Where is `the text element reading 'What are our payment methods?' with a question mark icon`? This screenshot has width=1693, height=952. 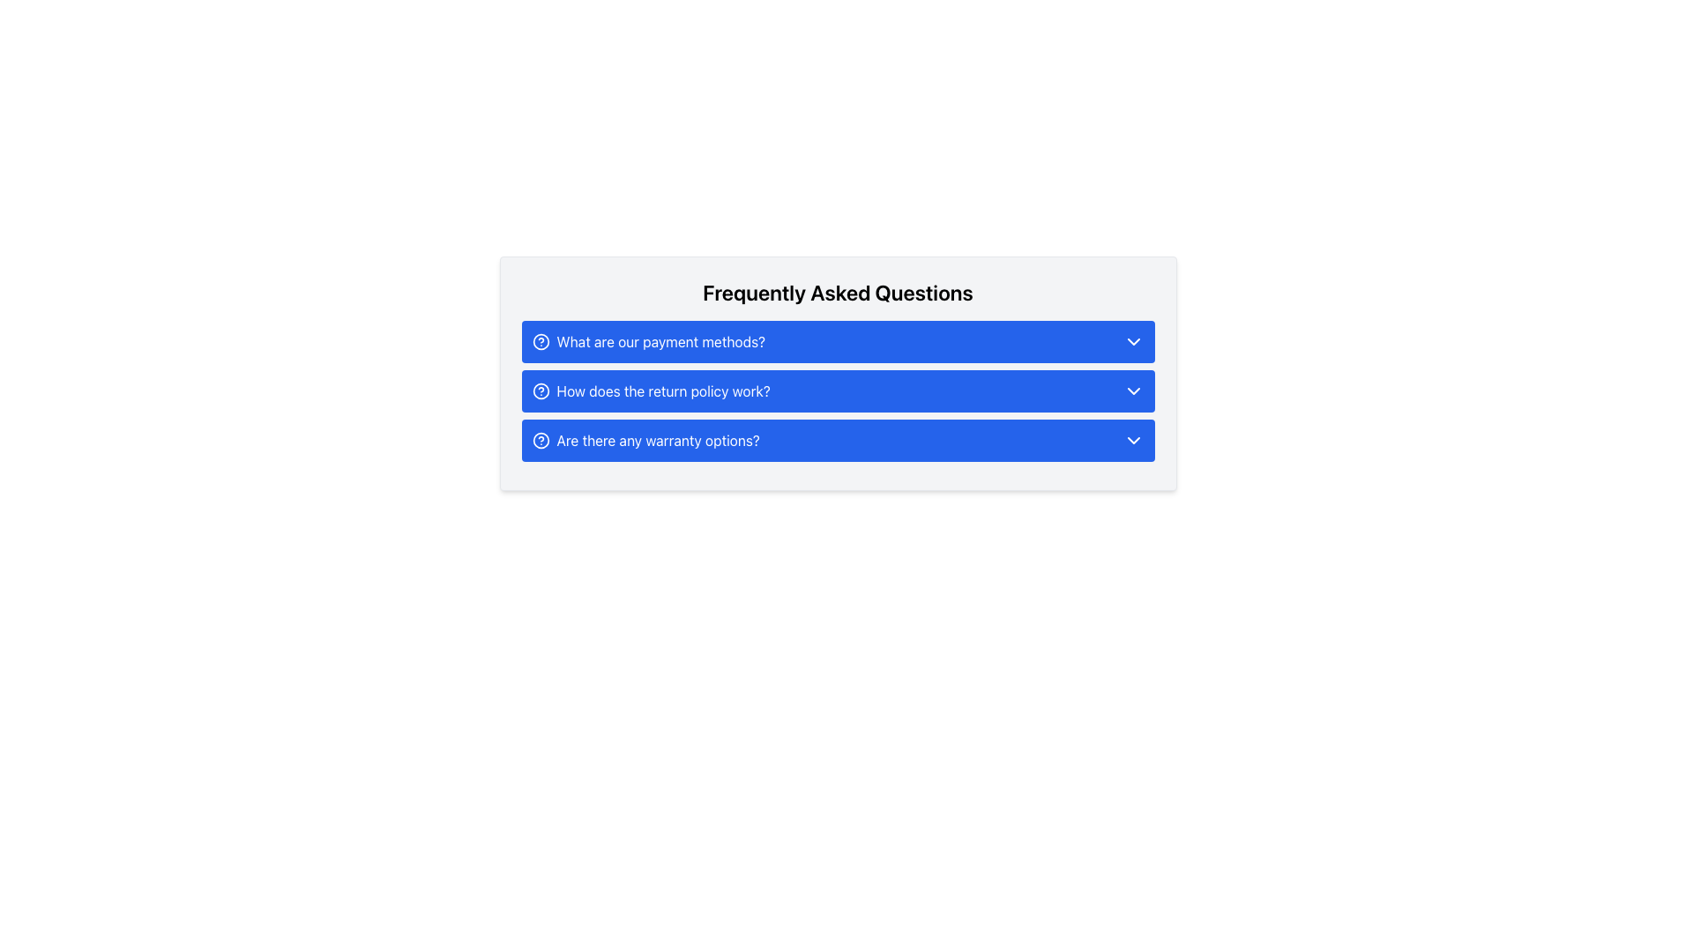 the text element reading 'What are our payment methods?' with a question mark icon is located at coordinates (647, 342).